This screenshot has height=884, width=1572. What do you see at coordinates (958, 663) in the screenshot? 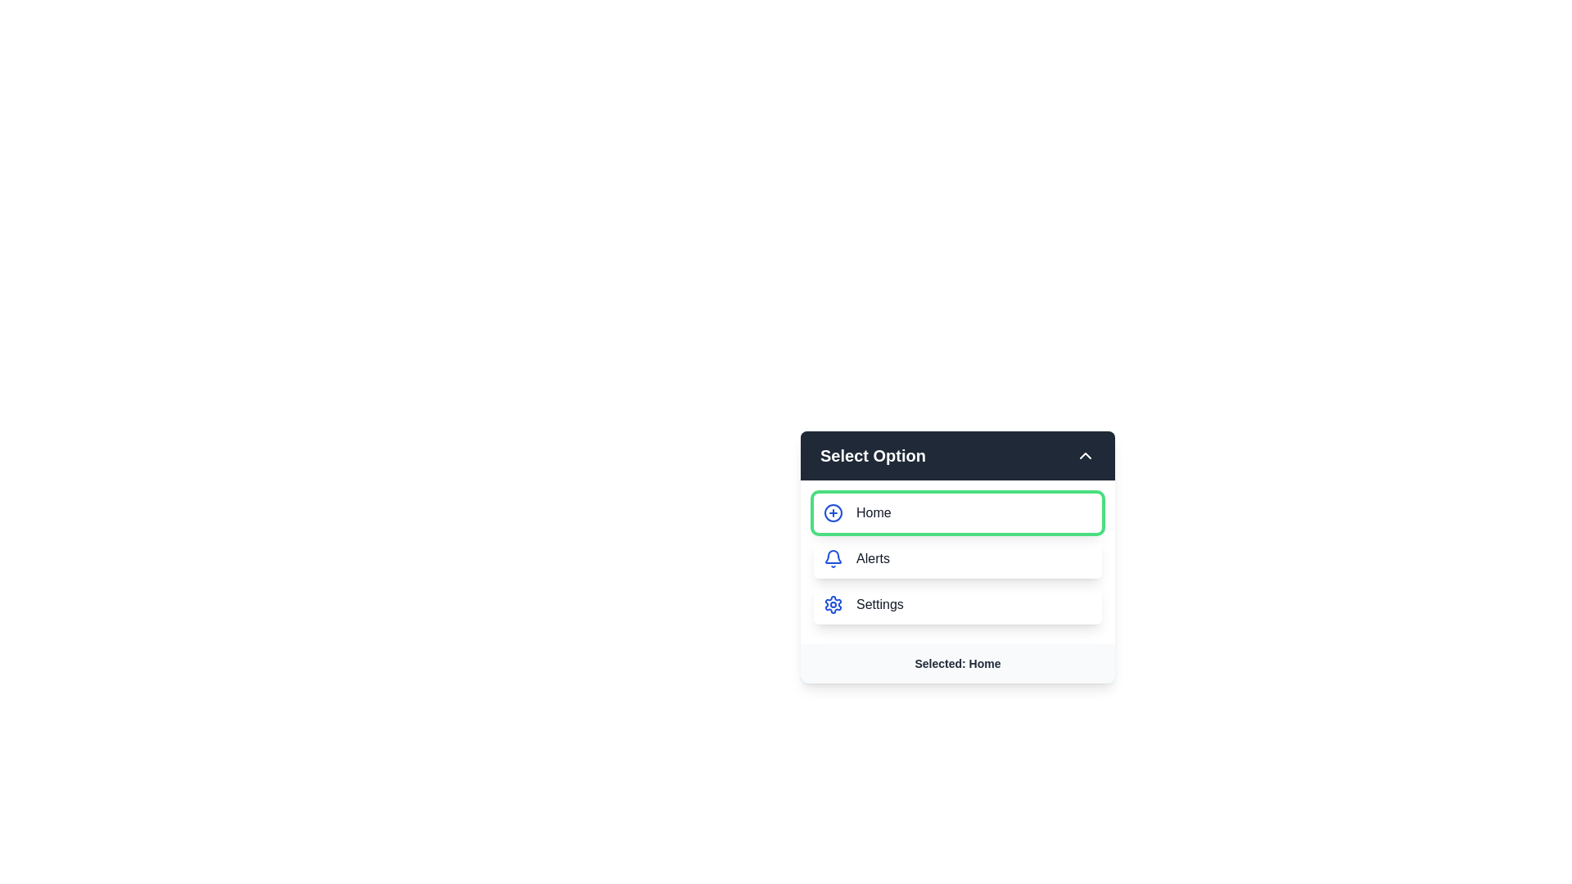
I see `the label with the text 'Selected: Home' which is located beneath the 'Select Option' section containing options like 'Home', 'Alerts', and 'Settings'` at bounding box center [958, 663].